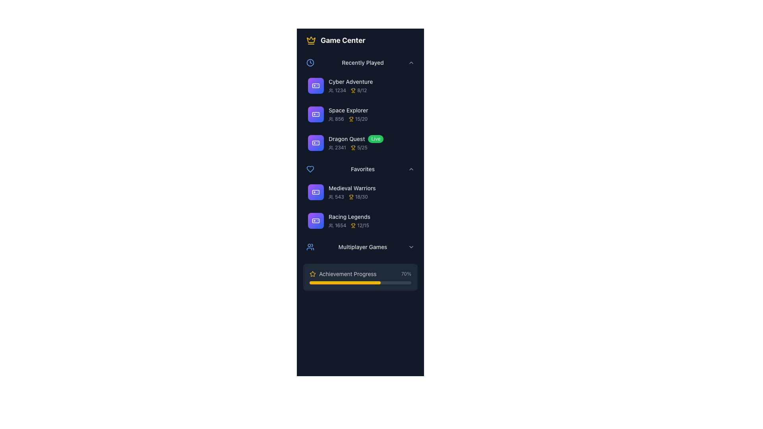  What do you see at coordinates (361, 119) in the screenshot?
I see `the text label displaying '15/20', which is styled in a small gray font and positioned to the right of a yellow trophy icon associated with the 'Space Explorer' item under 'Recently Played'` at bounding box center [361, 119].